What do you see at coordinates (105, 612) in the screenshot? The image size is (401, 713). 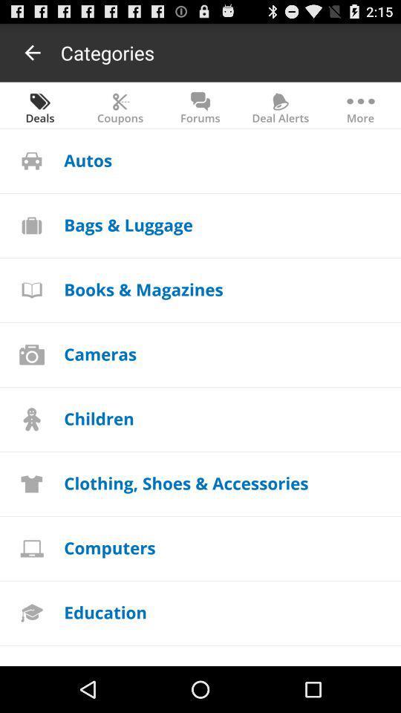 I see `icon above the entertainment` at bounding box center [105, 612].